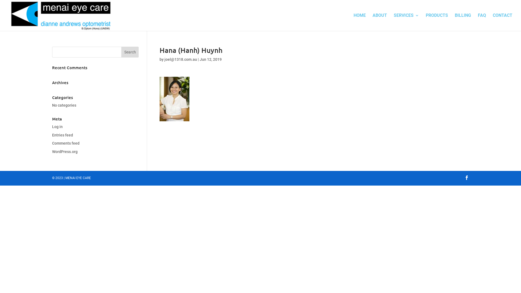 This screenshot has height=293, width=521. What do you see at coordinates (379, 22) in the screenshot?
I see `'ABOUT'` at bounding box center [379, 22].